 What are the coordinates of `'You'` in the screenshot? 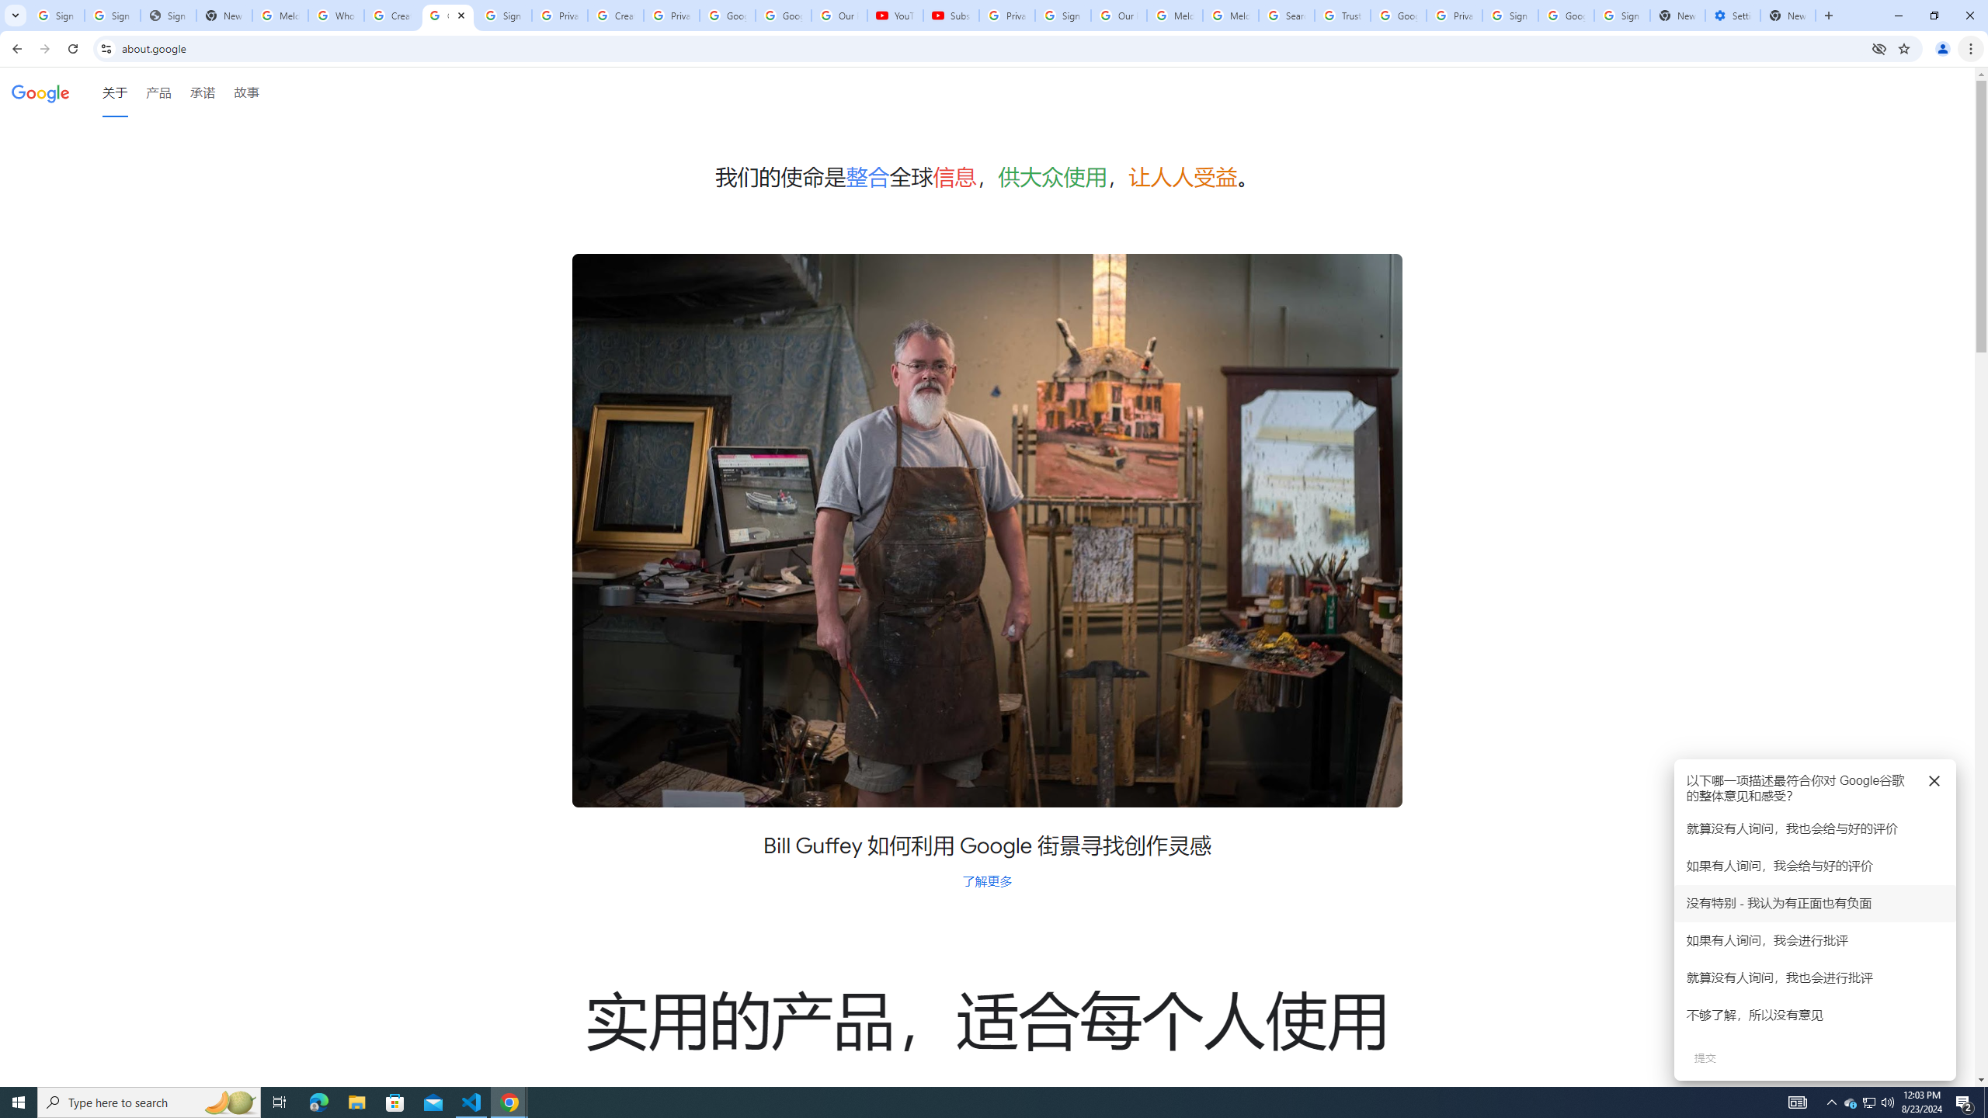 It's located at (1943, 48).